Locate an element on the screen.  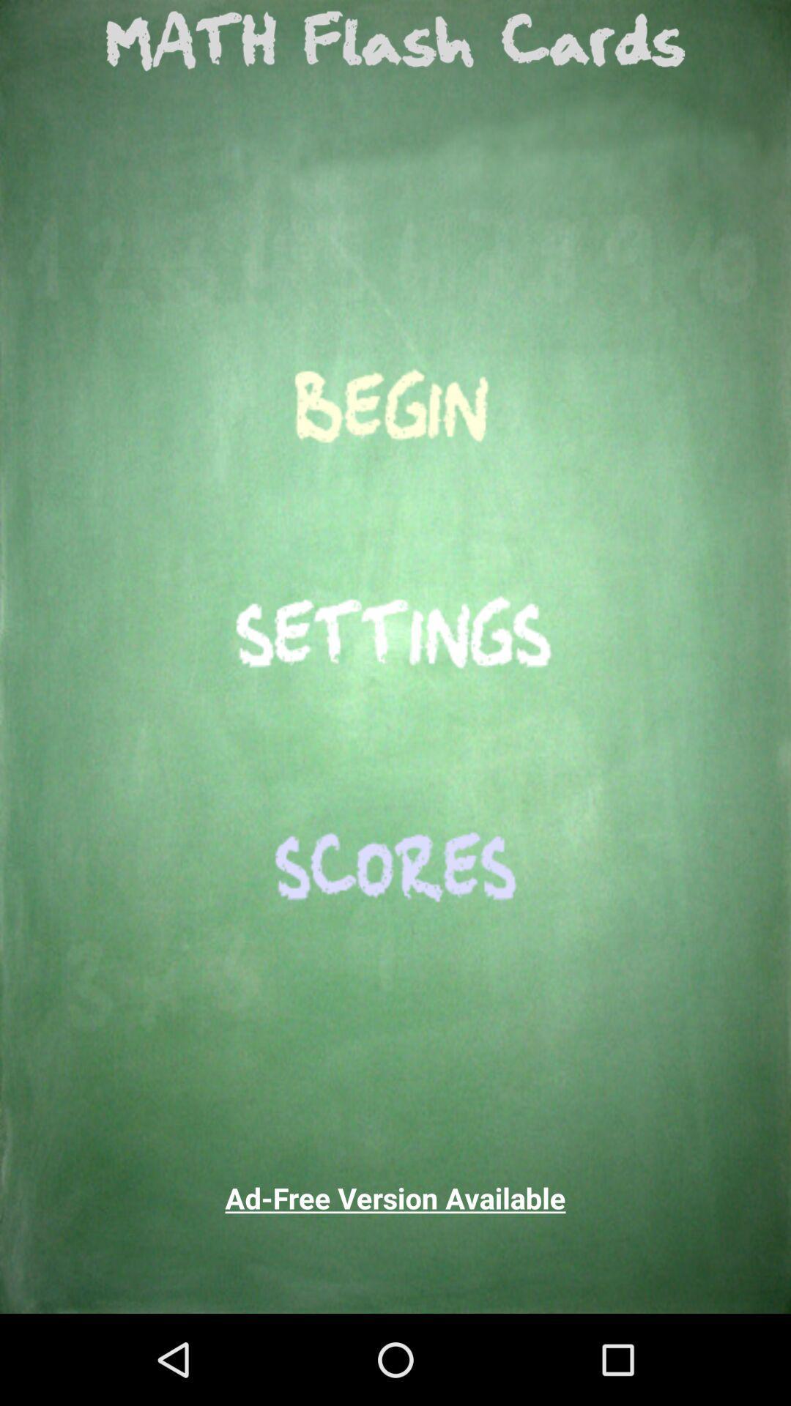
ad free version is located at coordinates (395, 1198).